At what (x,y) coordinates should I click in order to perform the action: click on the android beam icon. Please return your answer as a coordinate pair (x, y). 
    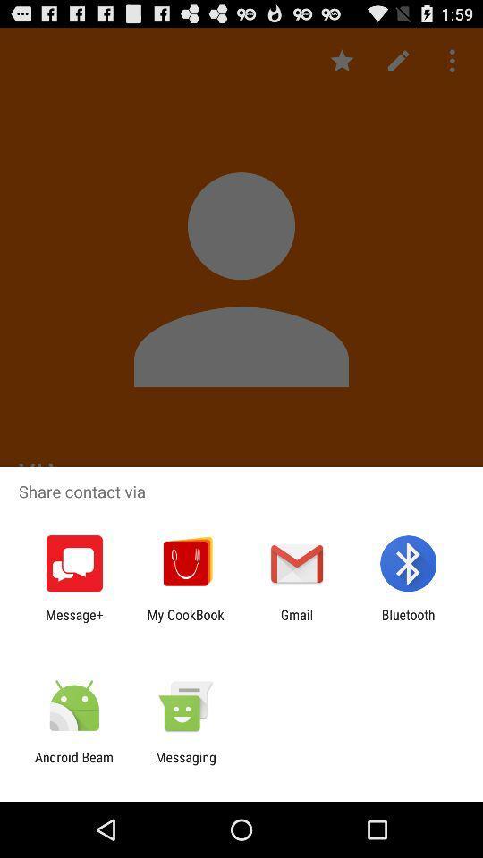
    Looking at the image, I should click on (73, 764).